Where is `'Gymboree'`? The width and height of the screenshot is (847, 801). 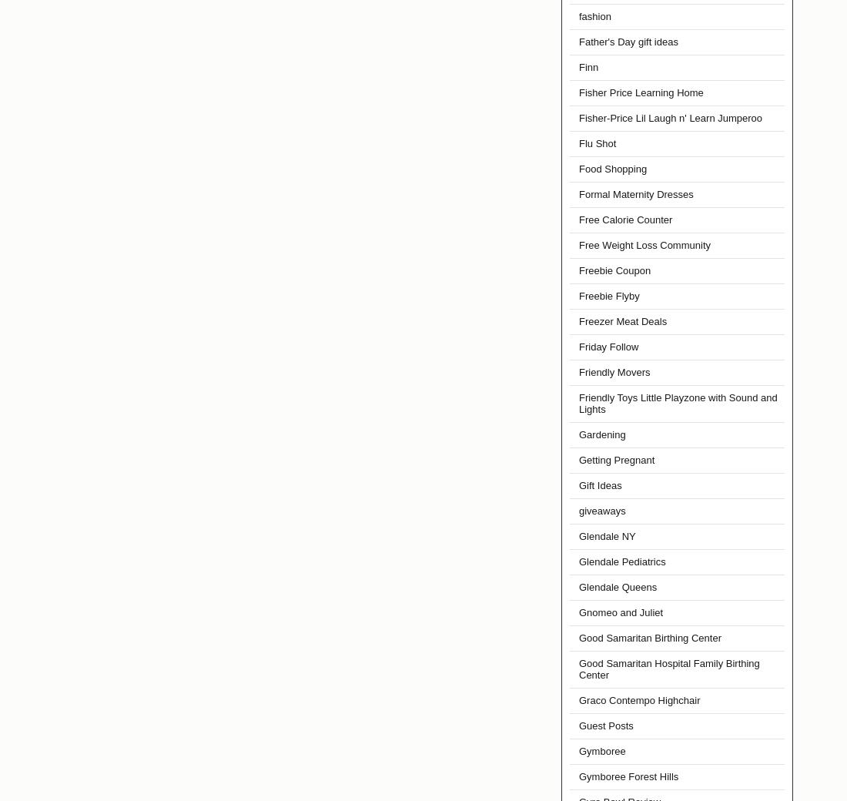 'Gymboree' is located at coordinates (601, 751).